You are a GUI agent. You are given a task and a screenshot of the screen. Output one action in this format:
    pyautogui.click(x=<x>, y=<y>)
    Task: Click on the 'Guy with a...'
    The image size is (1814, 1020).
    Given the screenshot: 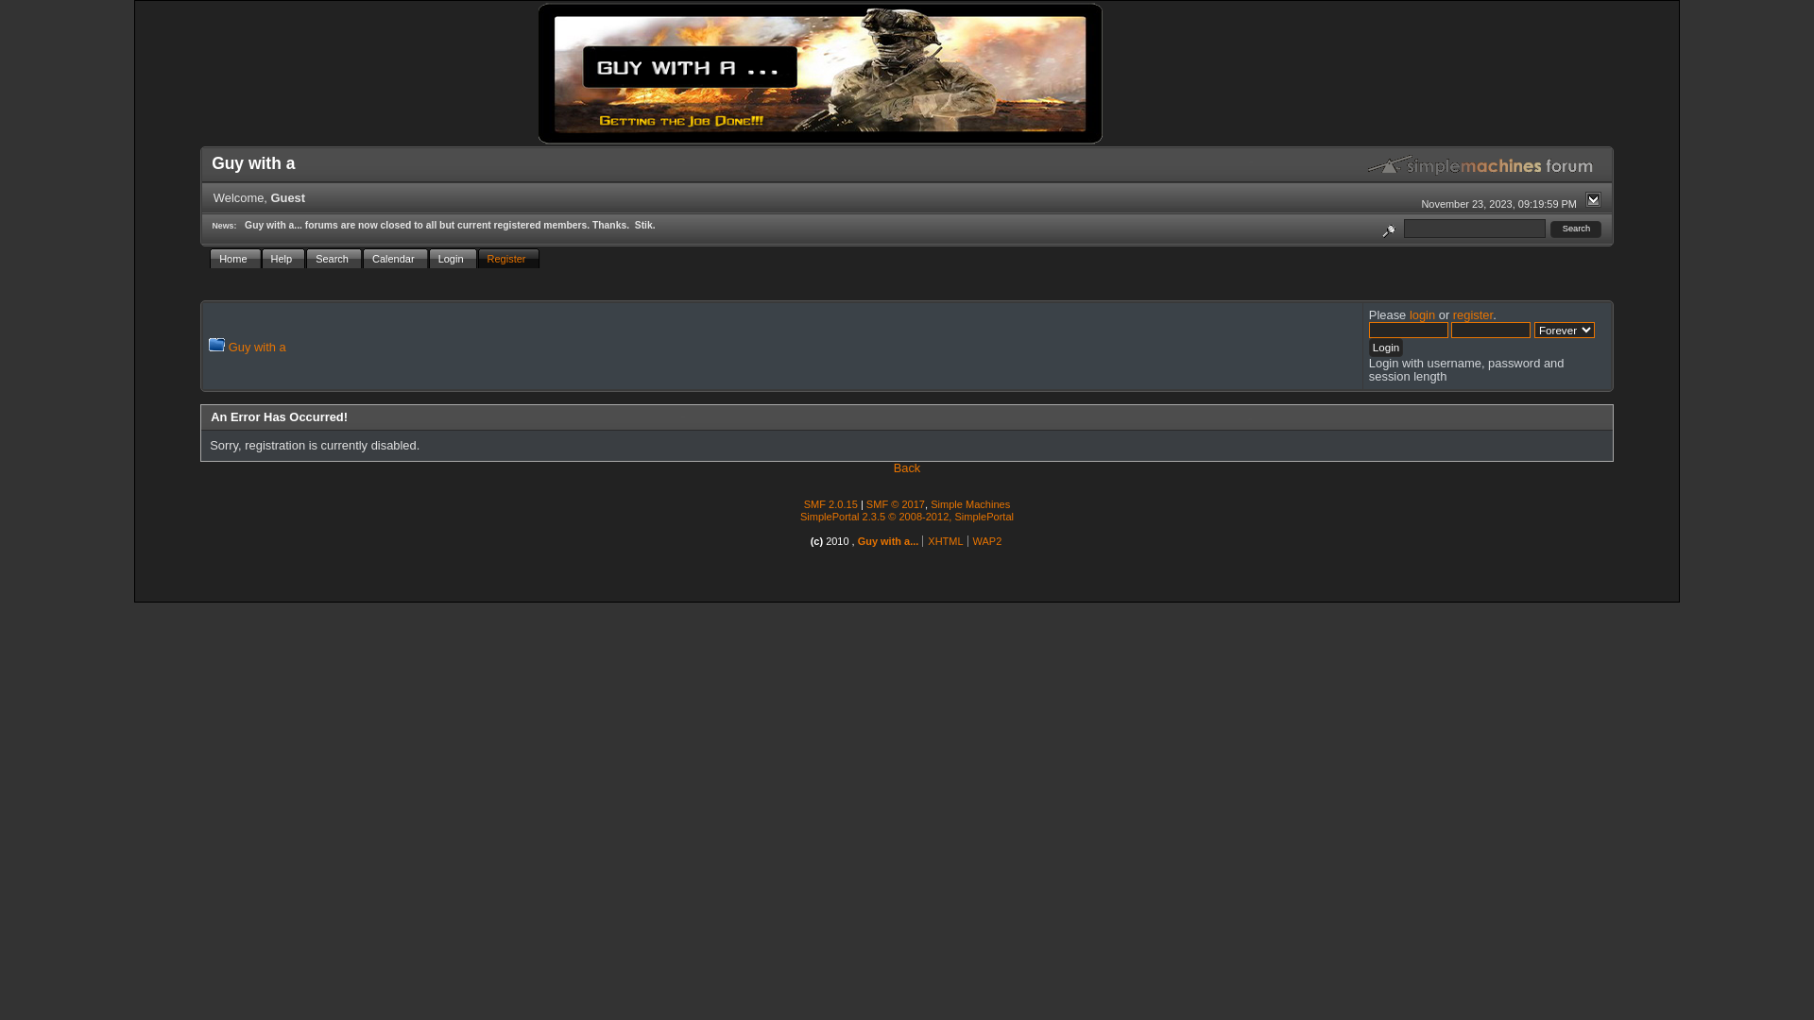 What is the action you would take?
    pyautogui.click(x=887, y=541)
    